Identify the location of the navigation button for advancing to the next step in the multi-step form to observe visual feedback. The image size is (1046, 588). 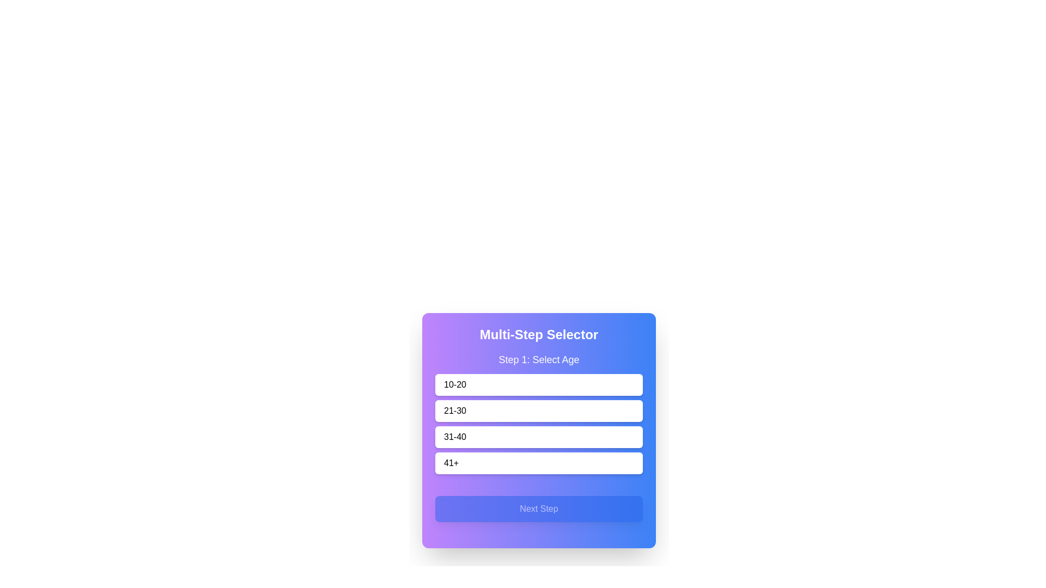
(539, 509).